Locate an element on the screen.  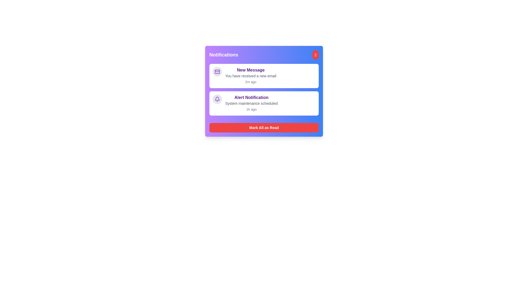
the text block displaying 'System maintenance scheduled' within the purple notification window, located below 'Alert Notification' is located at coordinates (251, 103).